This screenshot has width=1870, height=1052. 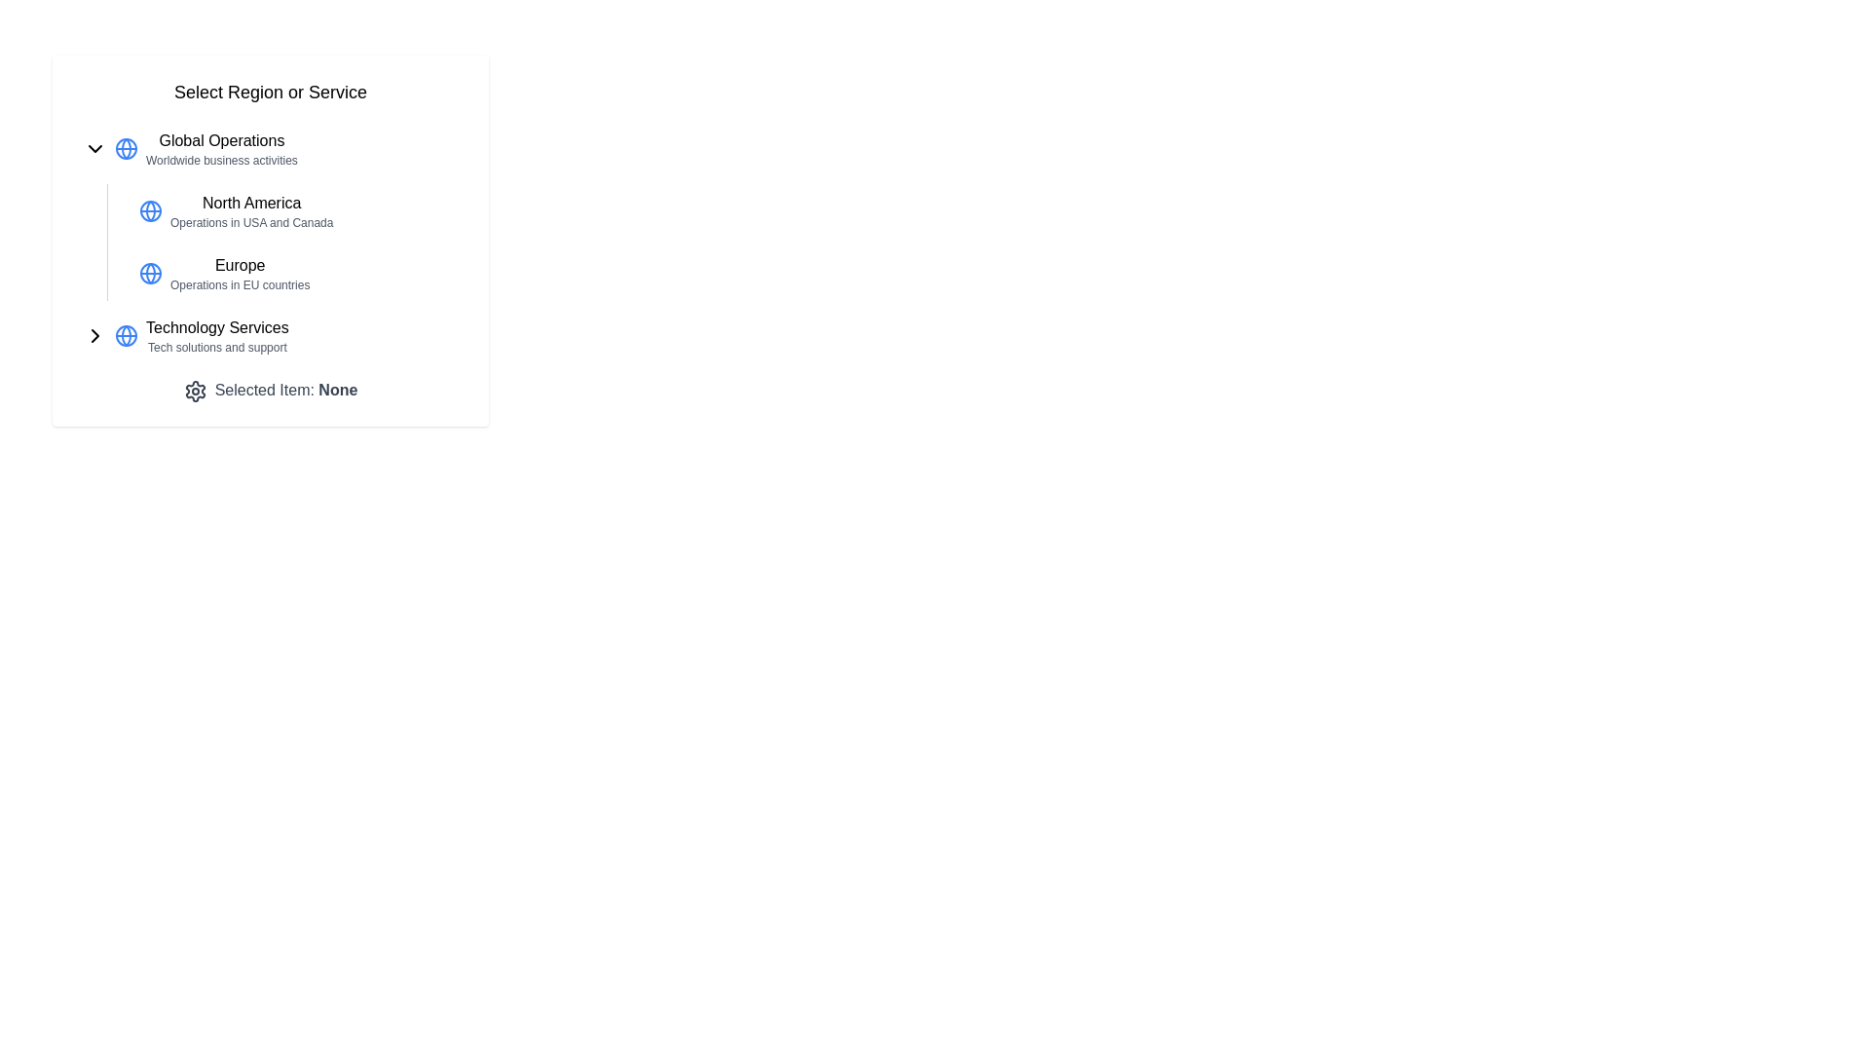 I want to click on the blue outlined circle element within the globe representation associated with the 'Europe' menu item in the 'Global Operations' category, so click(x=149, y=274).